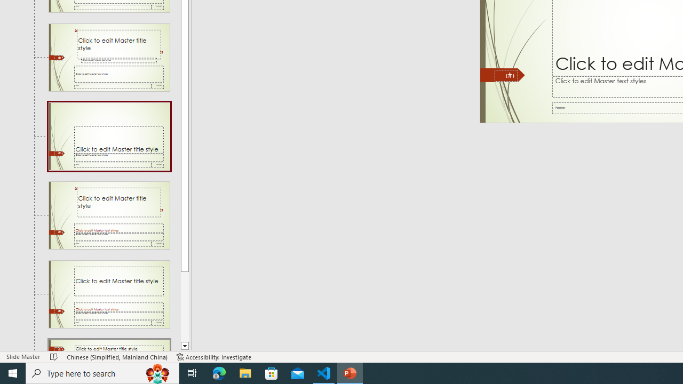 The width and height of the screenshot is (683, 384). Describe the element at coordinates (502, 75) in the screenshot. I see `'Freeform 11'` at that location.